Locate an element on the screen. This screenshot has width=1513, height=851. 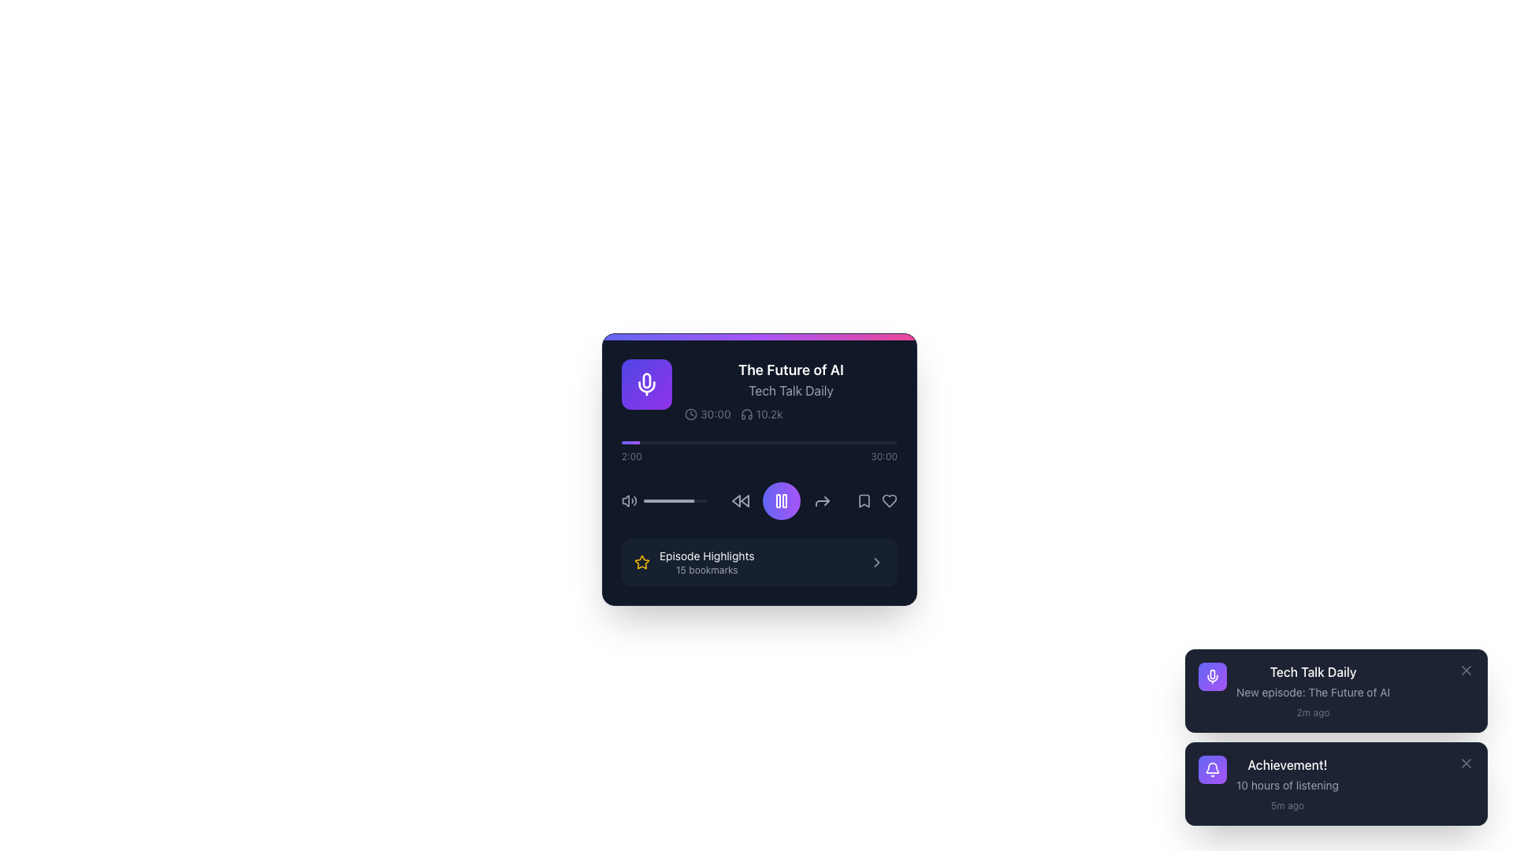
the forward arrow icon button styled in gray located to the far right of the playback control panel is located at coordinates (821, 501).